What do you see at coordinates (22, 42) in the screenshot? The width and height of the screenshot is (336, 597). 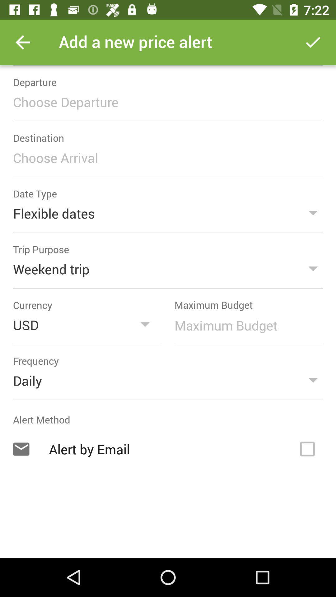 I see `the item at the top left corner` at bounding box center [22, 42].